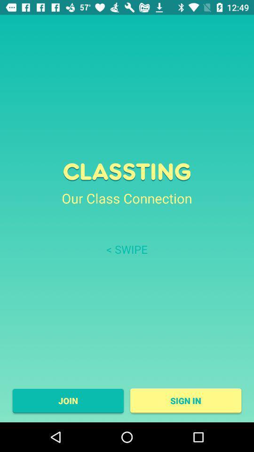 The image size is (254, 452). I want to click on icon next to the join item, so click(186, 400).